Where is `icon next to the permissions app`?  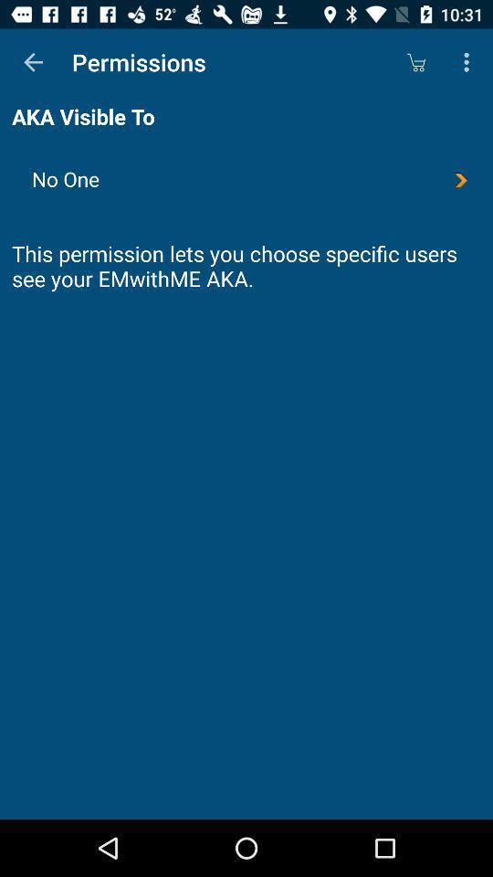 icon next to the permissions app is located at coordinates (415, 62).